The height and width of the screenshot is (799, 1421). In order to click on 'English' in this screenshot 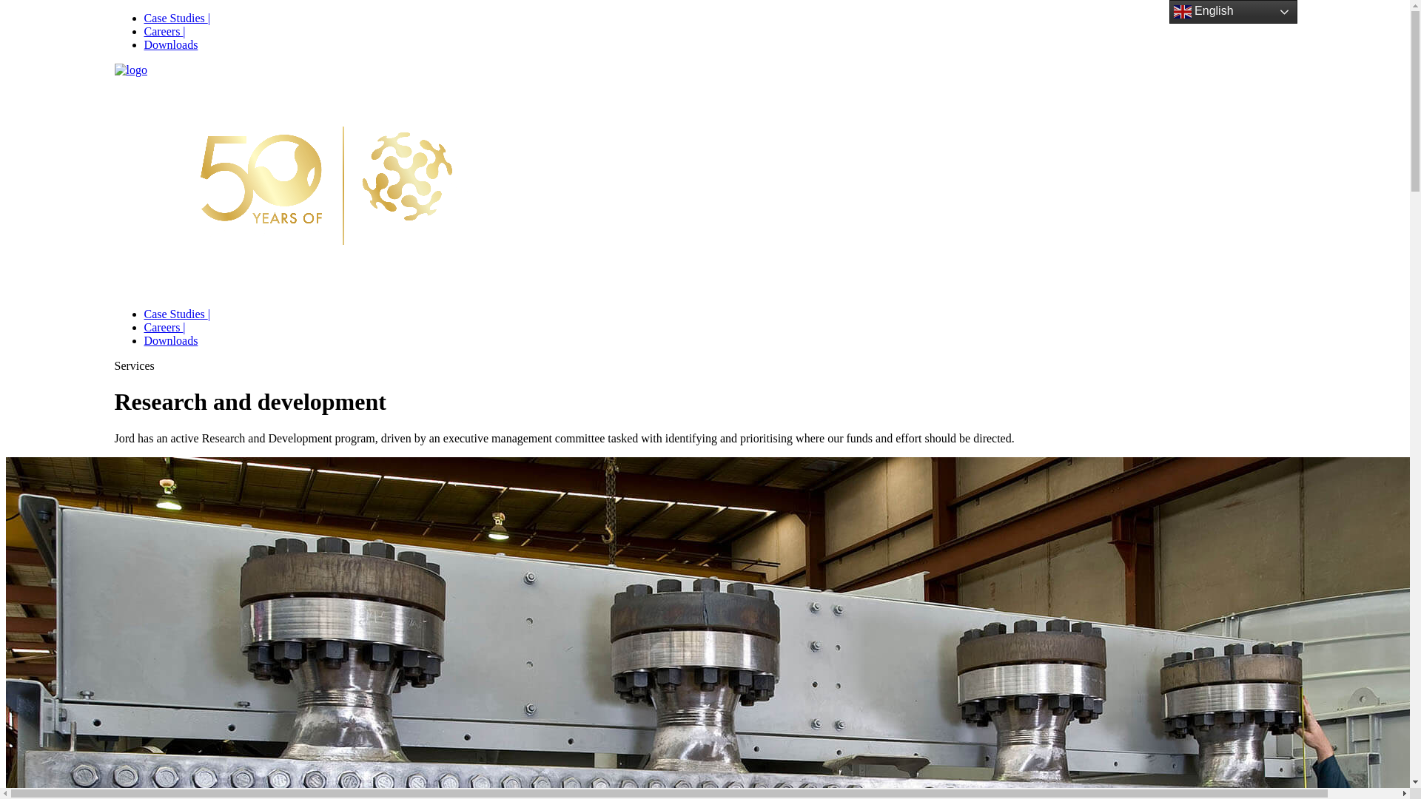, I will do `click(1233, 11)`.